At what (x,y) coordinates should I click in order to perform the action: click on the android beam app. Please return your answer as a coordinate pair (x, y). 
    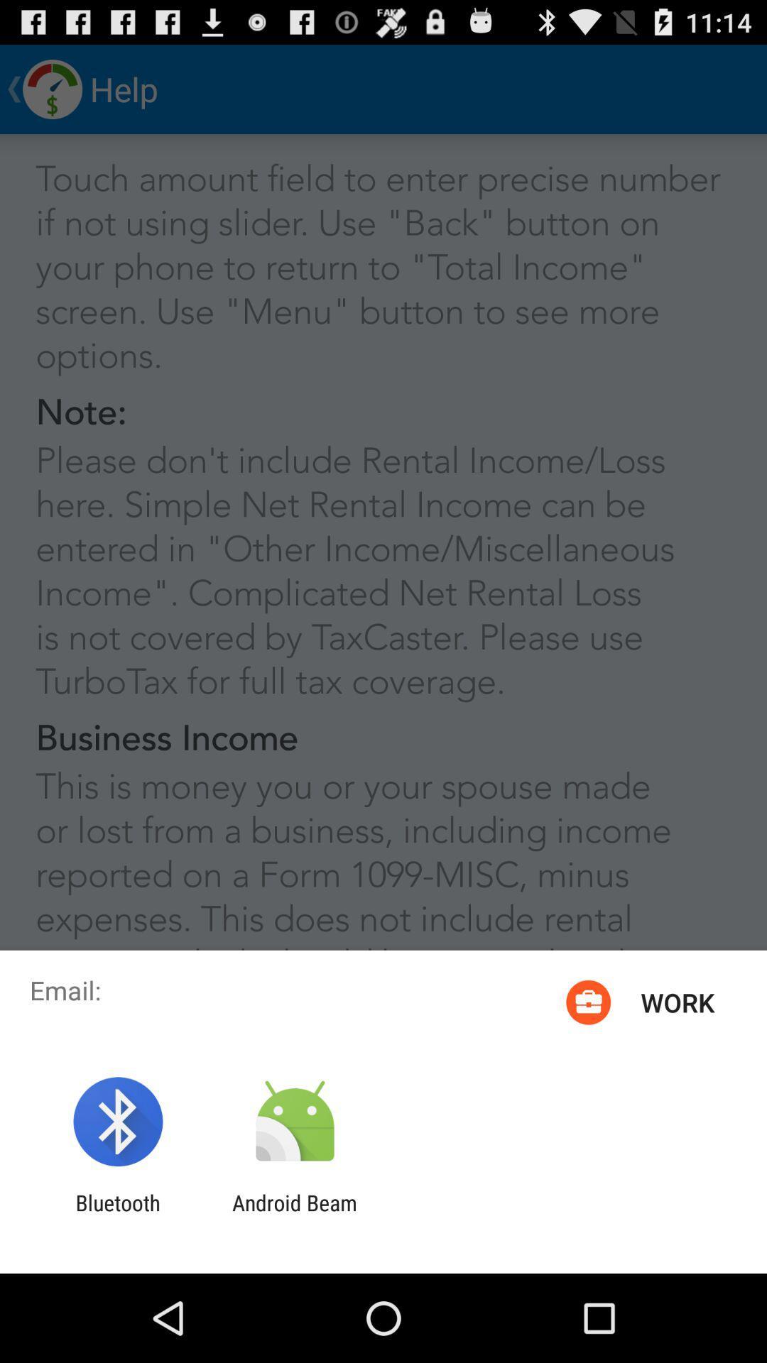
    Looking at the image, I should click on (294, 1215).